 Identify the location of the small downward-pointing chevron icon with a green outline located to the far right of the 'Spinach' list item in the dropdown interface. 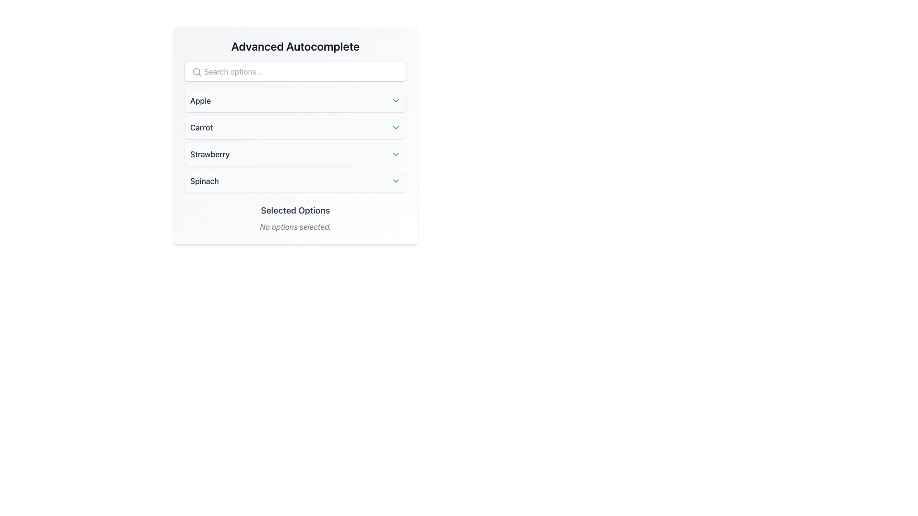
(396, 181).